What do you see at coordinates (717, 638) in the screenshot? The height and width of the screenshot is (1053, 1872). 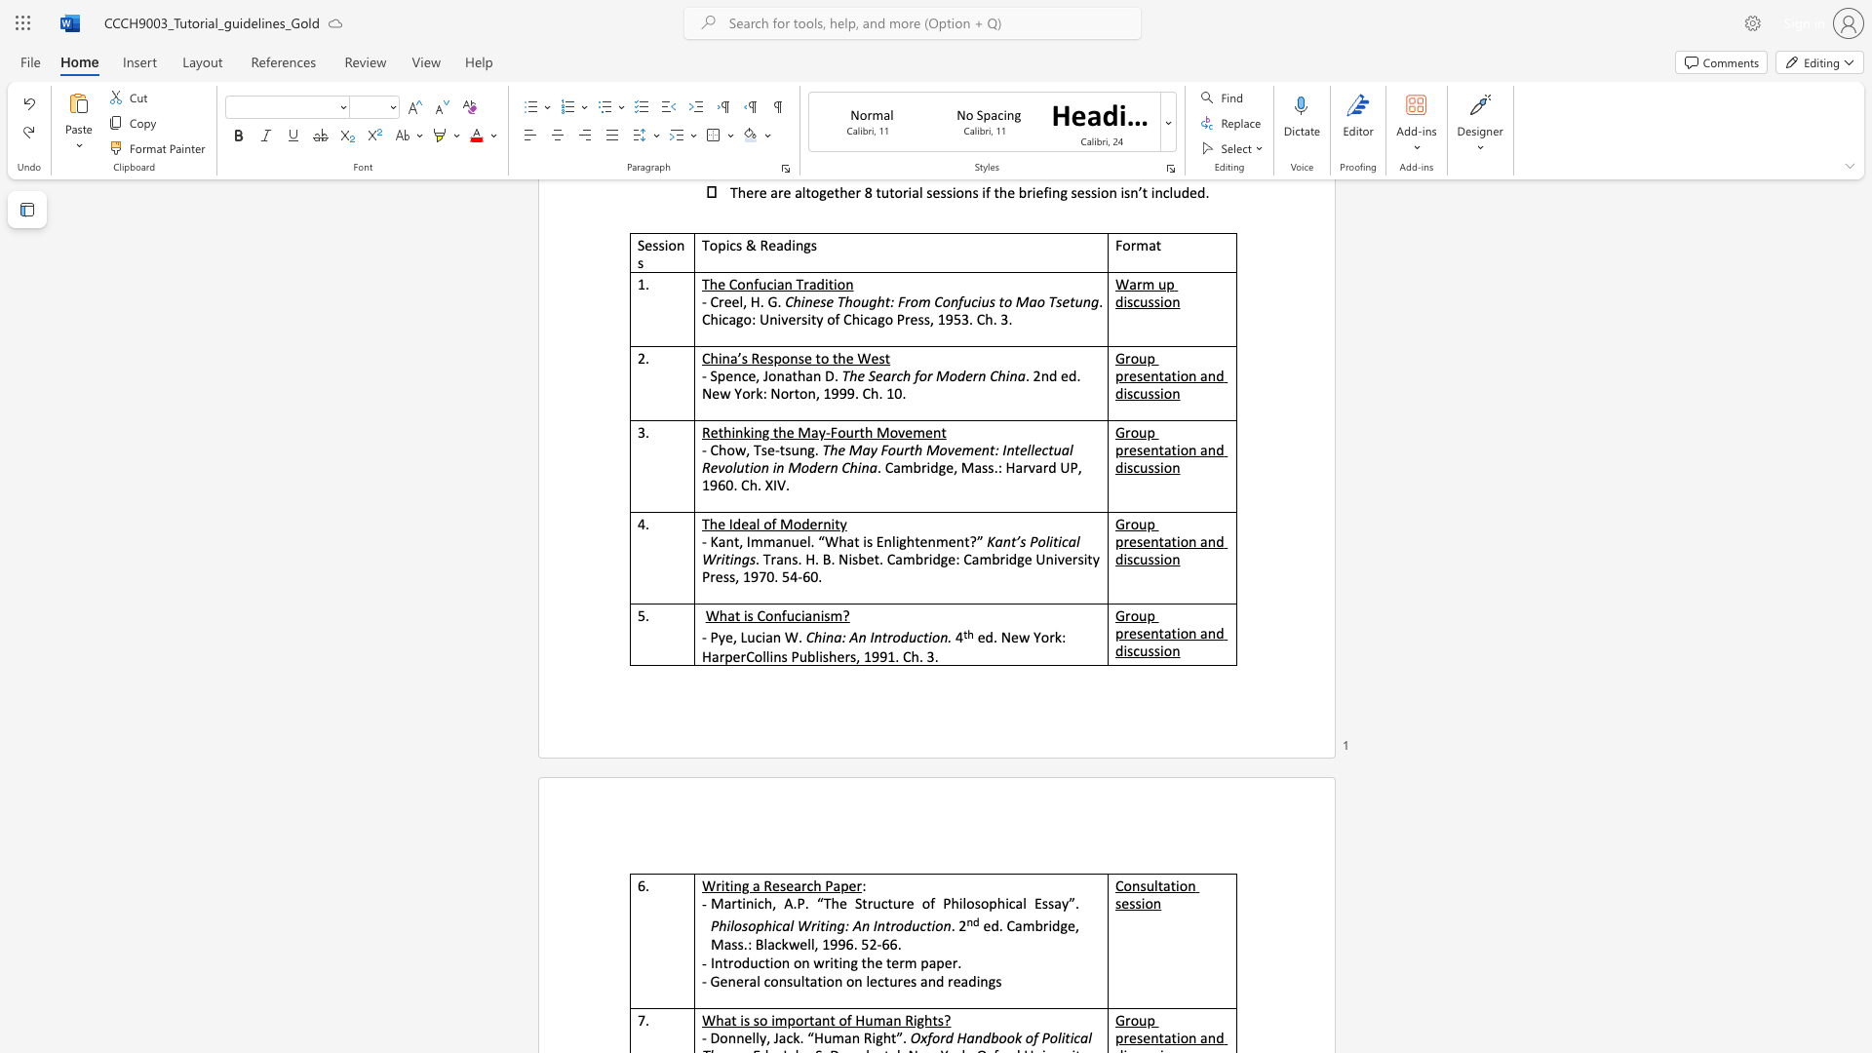 I see `the subset text "ye, Lucia" within the text "- Pye, Lucian W."` at bounding box center [717, 638].